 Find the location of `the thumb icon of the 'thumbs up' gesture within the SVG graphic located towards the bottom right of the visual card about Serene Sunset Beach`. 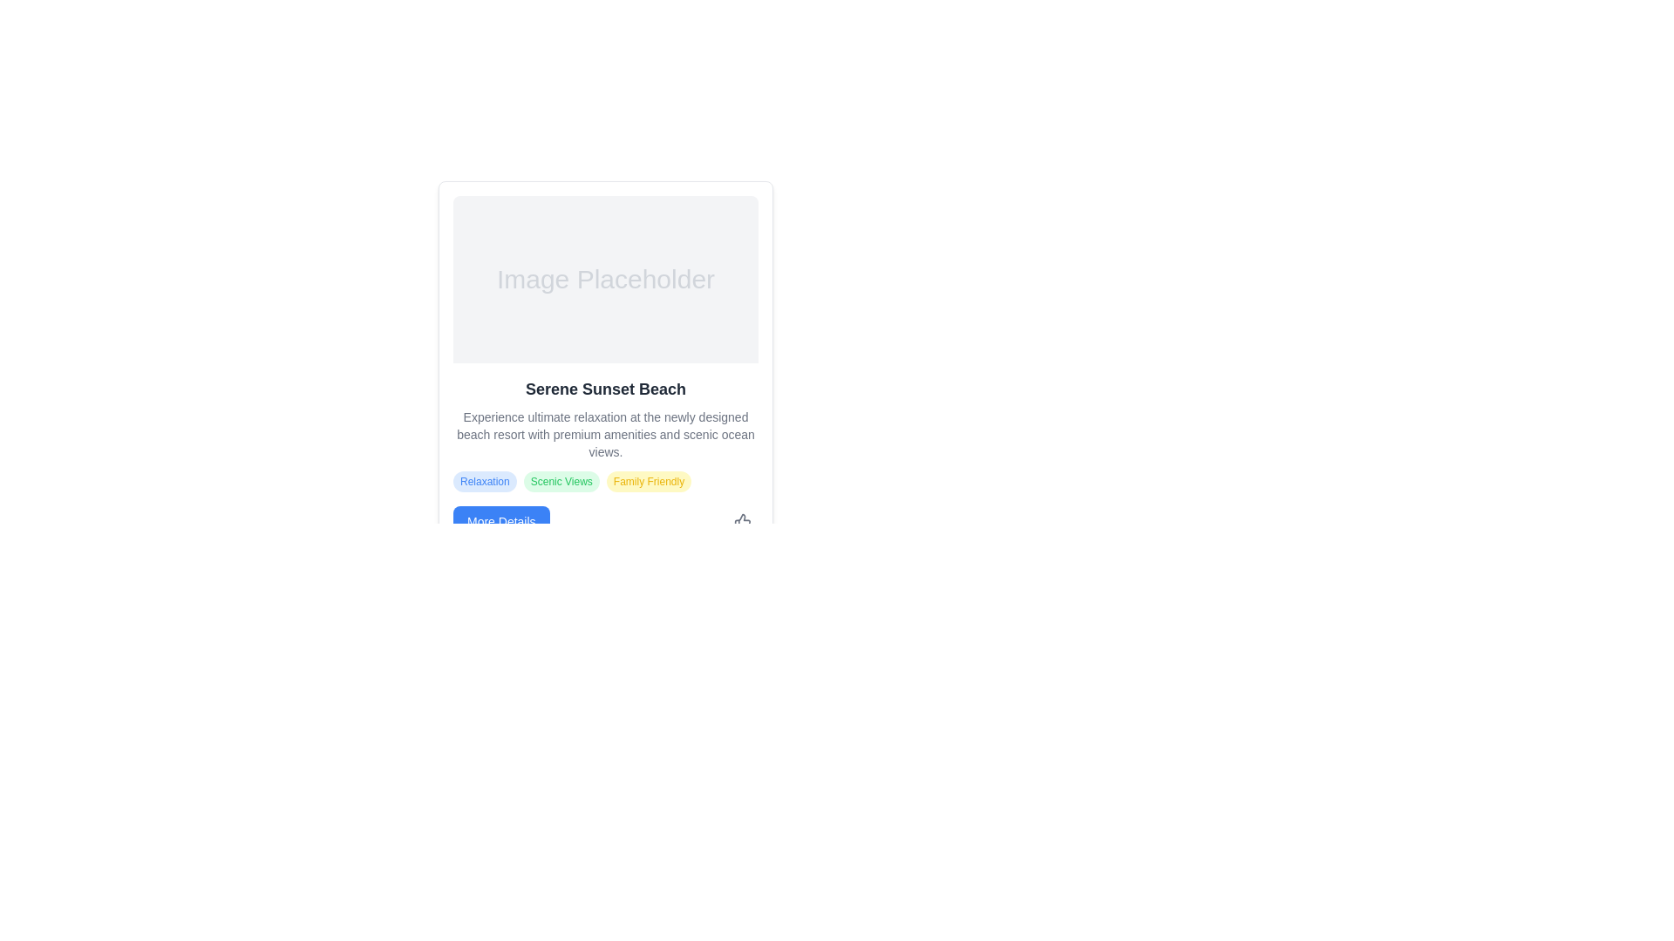

the thumb icon of the 'thumbs up' gesture within the SVG graphic located towards the bottom right of the visual card about Serene Sunset Beach is located at coordinates (742, 520).